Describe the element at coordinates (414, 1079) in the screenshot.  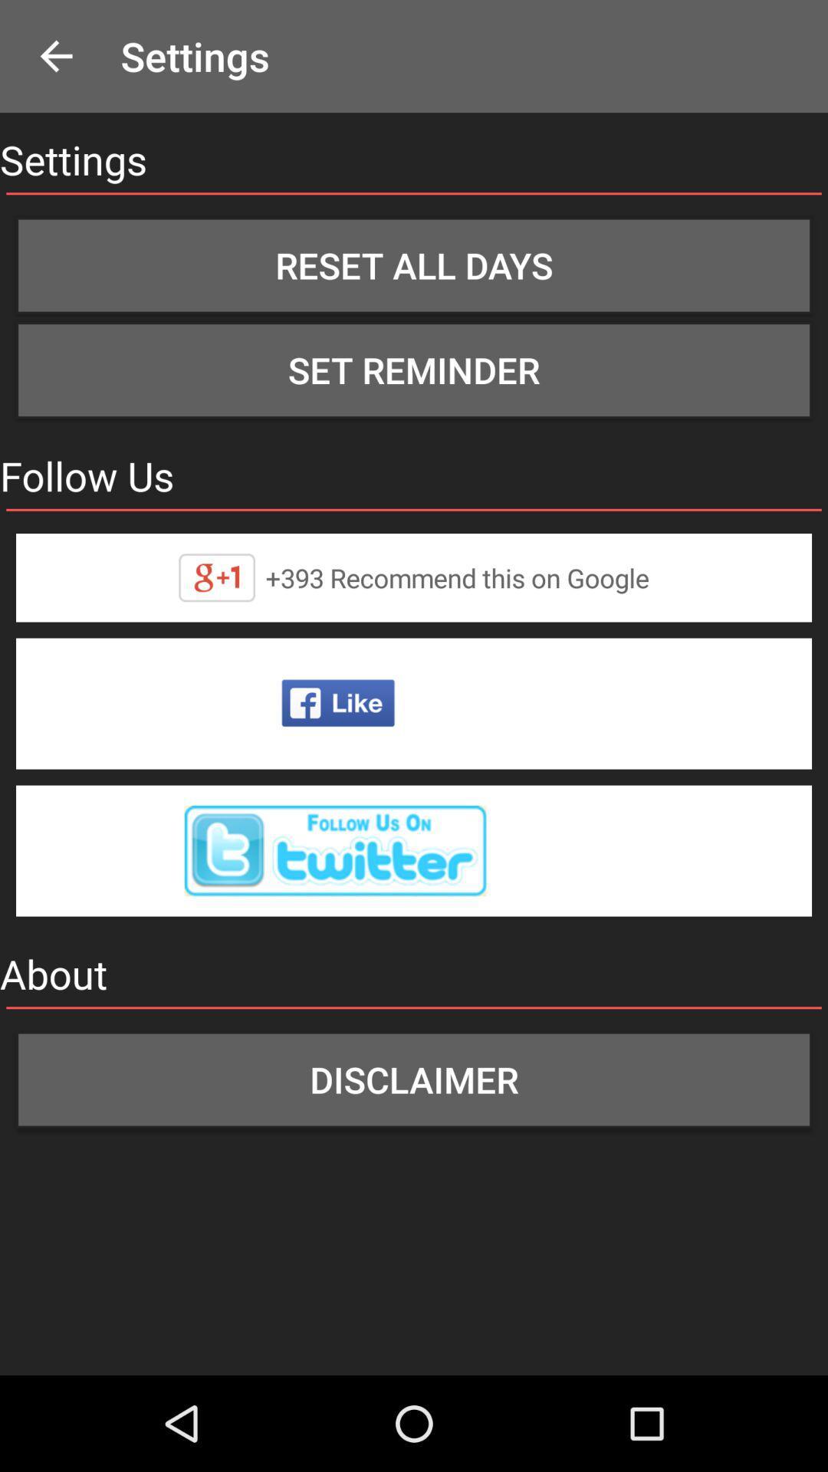
I see `the disclaimer item` at that location.